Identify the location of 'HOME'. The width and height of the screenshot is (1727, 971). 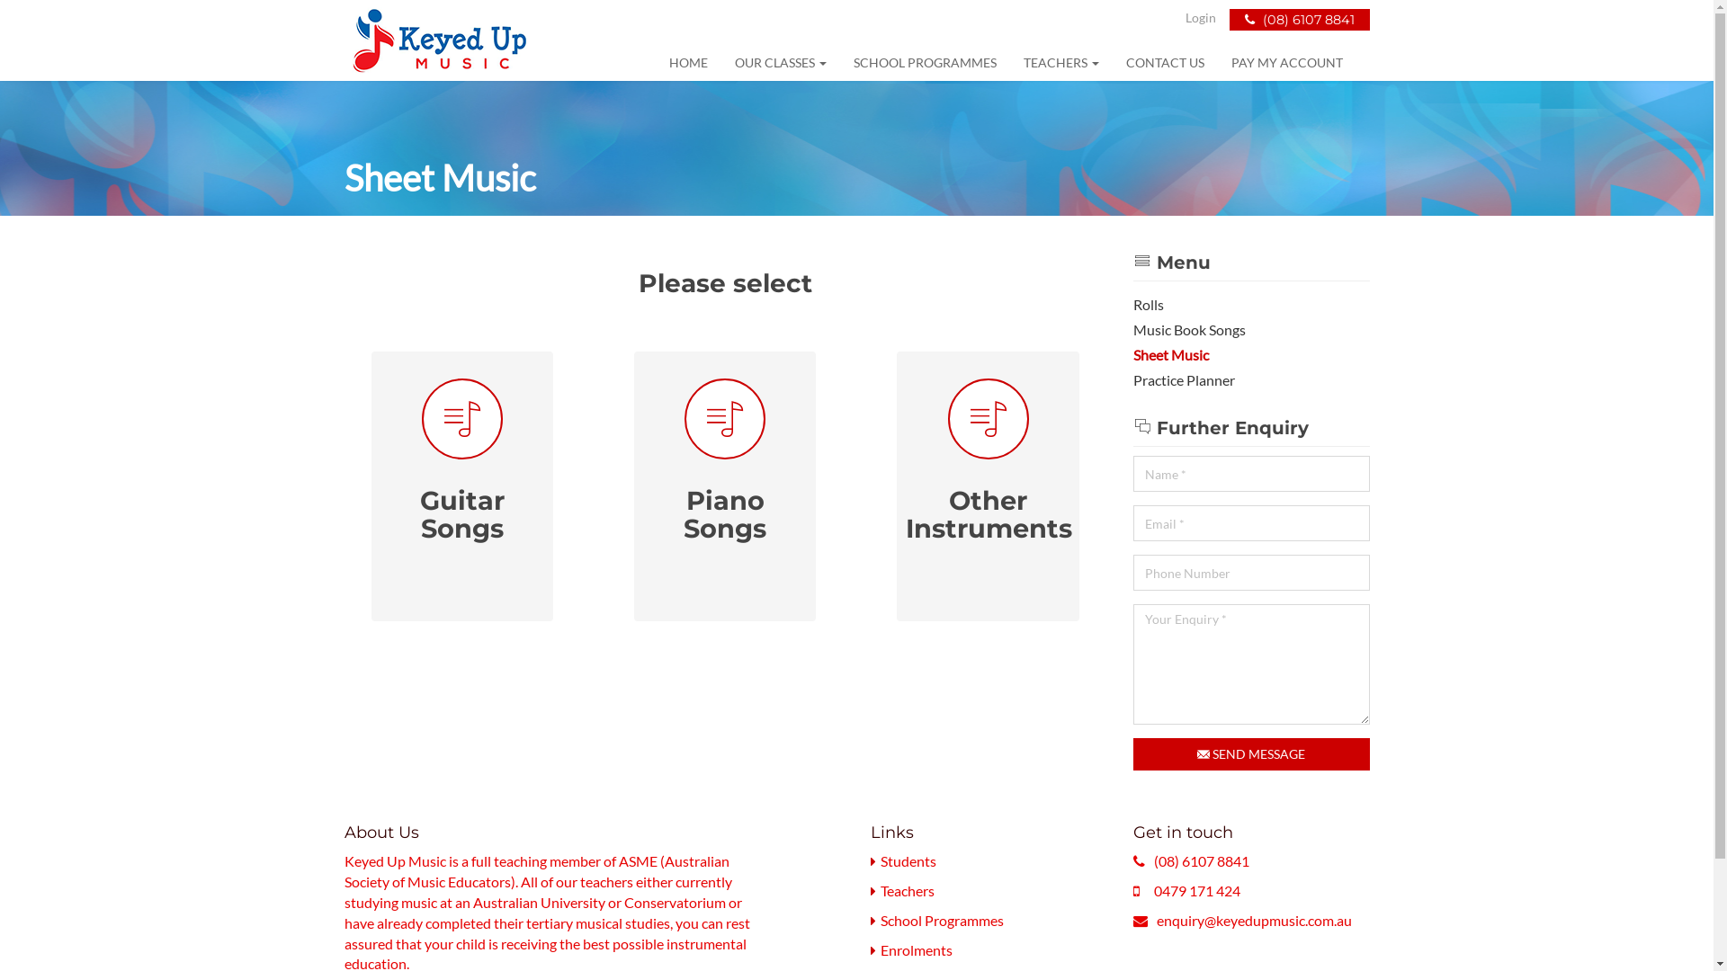
(686, 61).